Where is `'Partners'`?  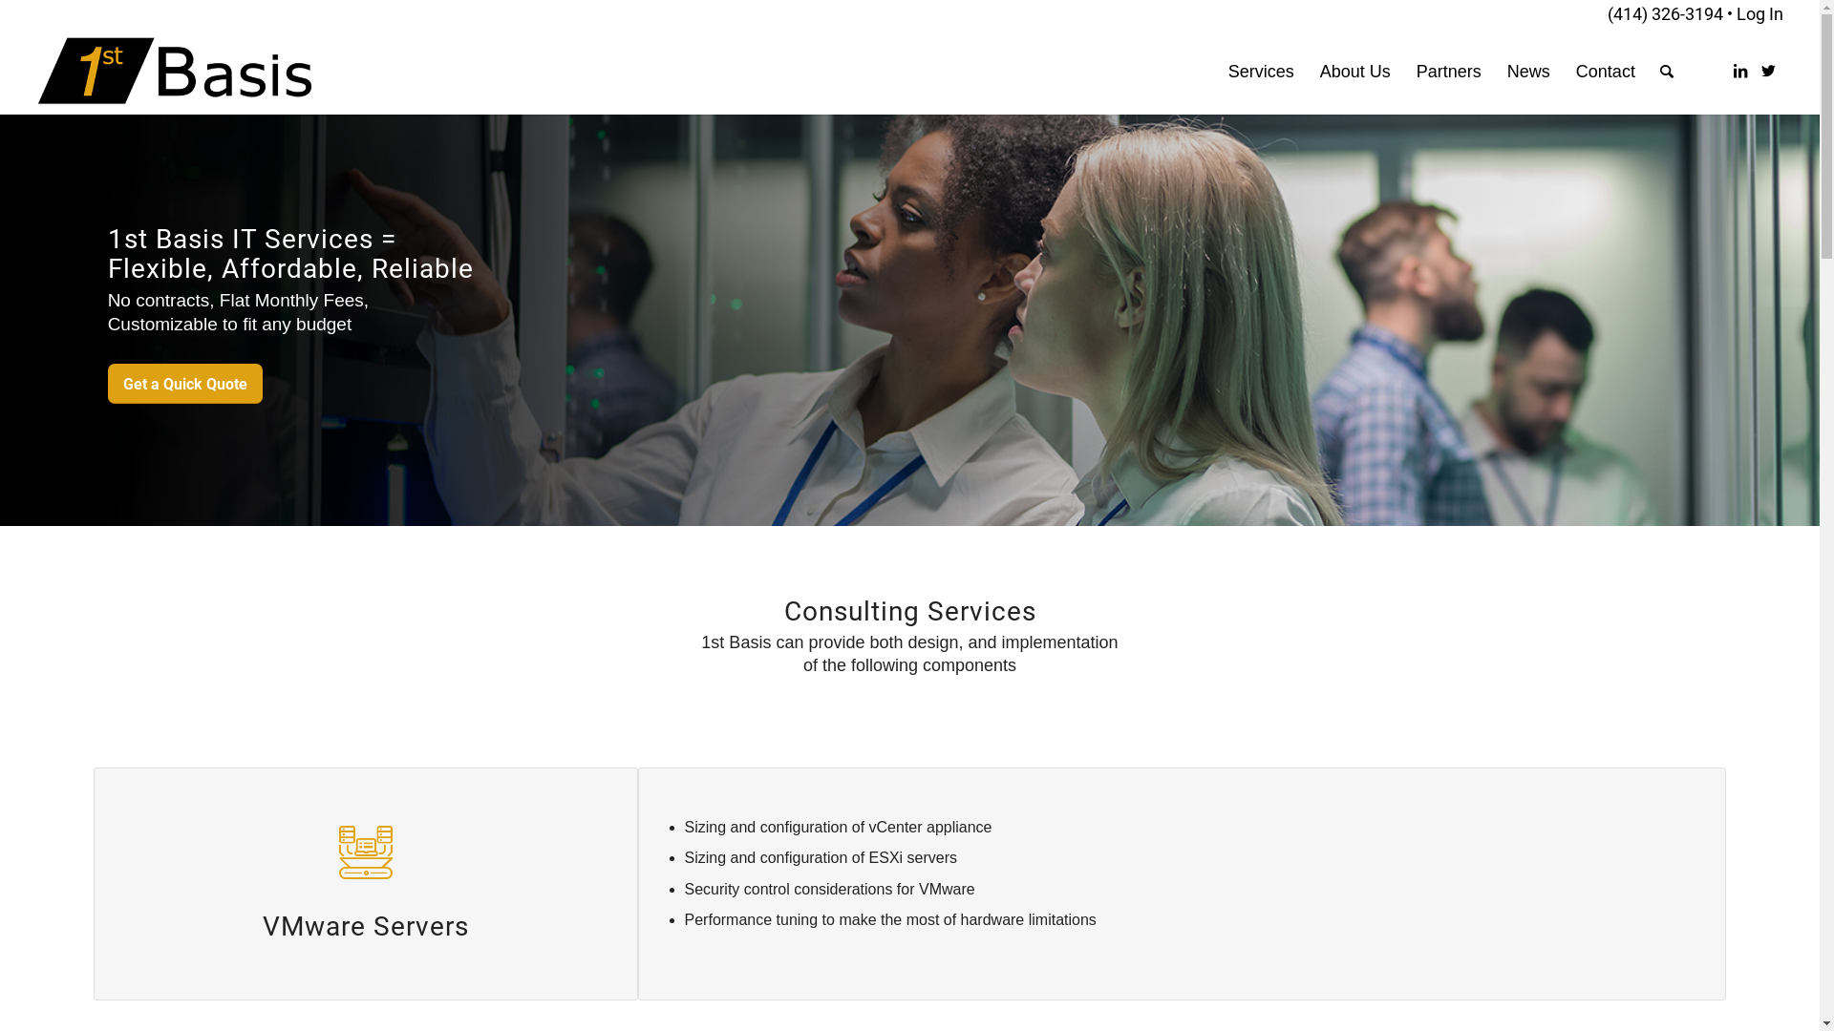 'Partners' is located at coordinates (1448, 70).